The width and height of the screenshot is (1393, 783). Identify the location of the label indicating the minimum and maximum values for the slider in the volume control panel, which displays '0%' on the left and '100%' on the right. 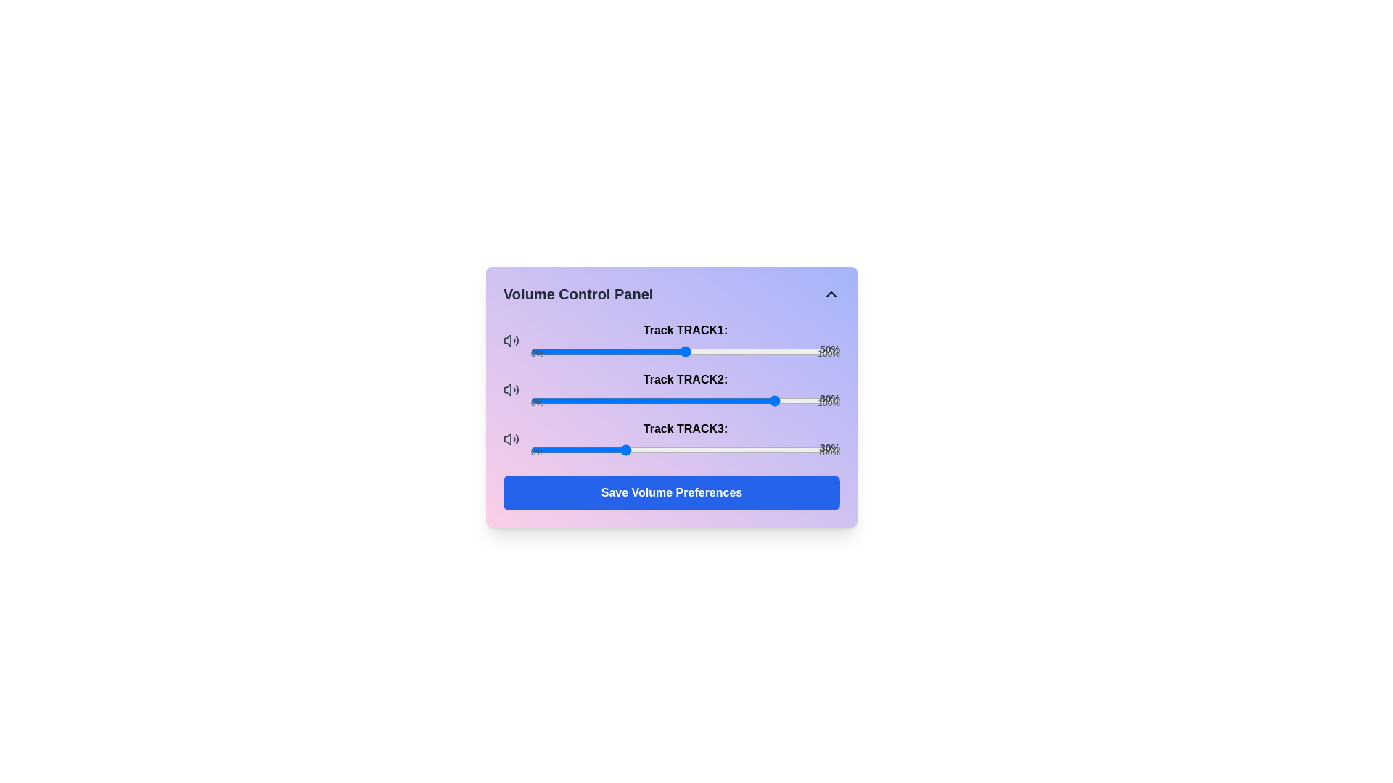
(685, 354).